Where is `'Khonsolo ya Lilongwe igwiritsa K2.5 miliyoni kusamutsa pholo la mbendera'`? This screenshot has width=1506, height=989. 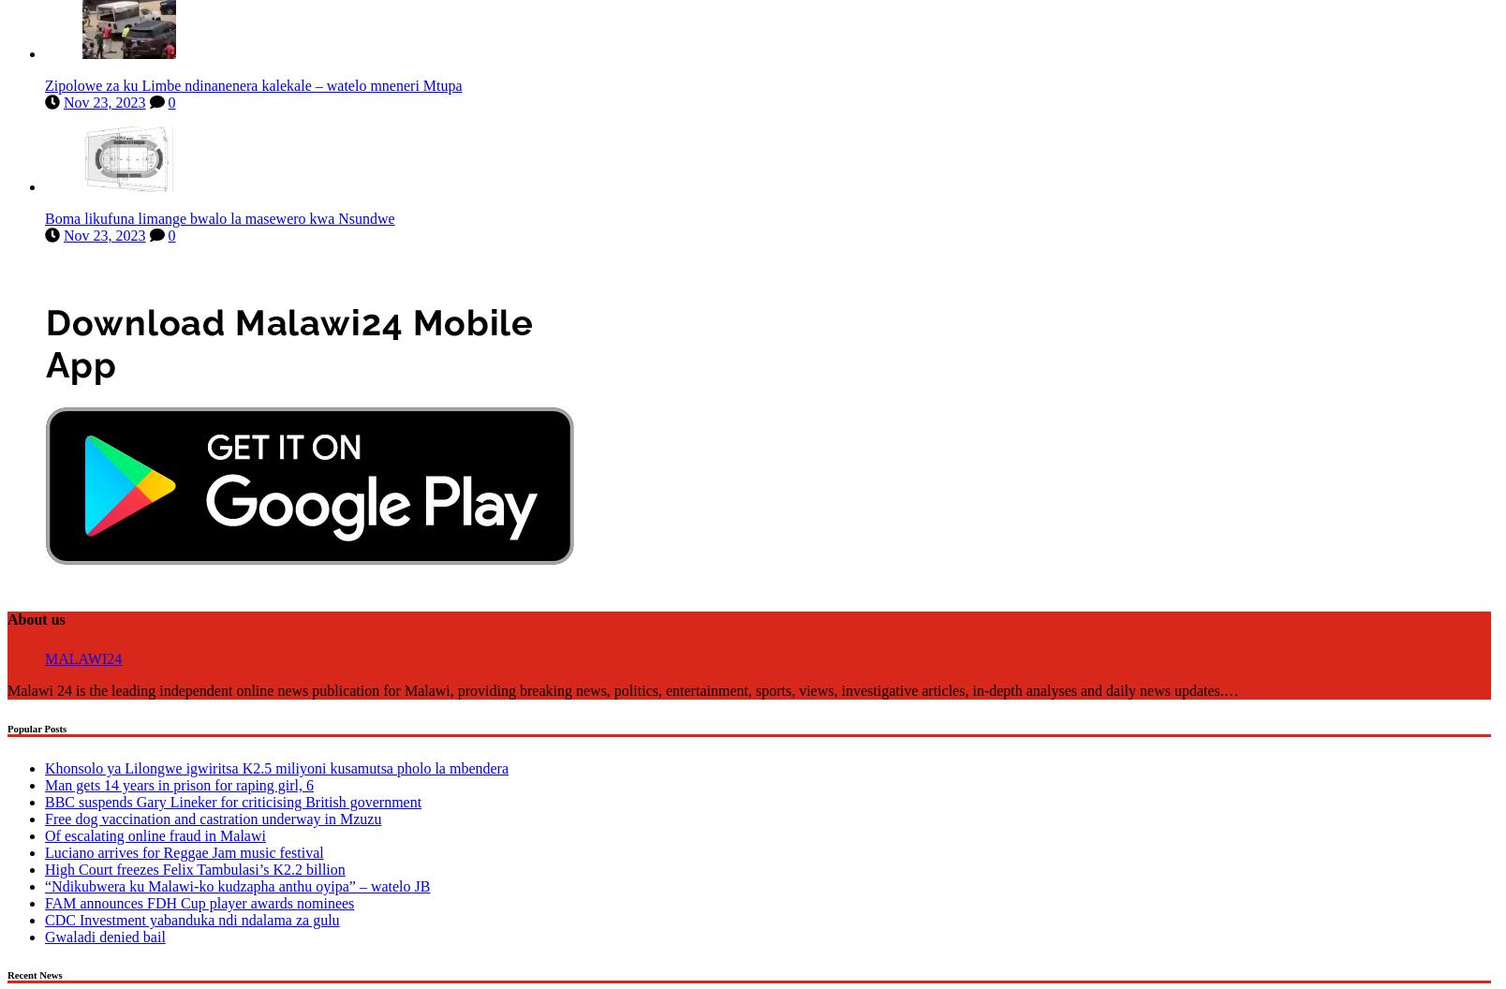
'Khonsolo ya Lilongwe igwiritsa K2.5 miliyoni kusamutsa pholo la mbendera' is located at coordinates (275, 764).